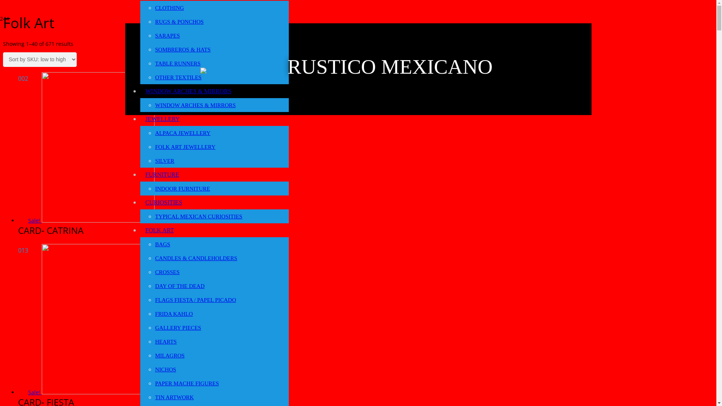 This screenshot has height=406, width=722. I want to click on 'SARAPES', so click(167, 36).